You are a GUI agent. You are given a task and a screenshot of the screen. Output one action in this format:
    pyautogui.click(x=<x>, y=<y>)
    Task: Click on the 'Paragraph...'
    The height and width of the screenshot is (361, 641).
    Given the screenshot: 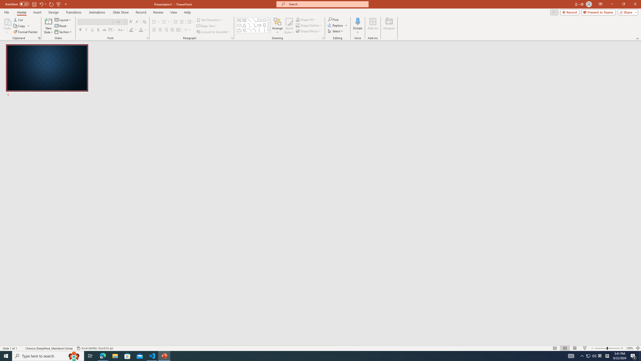 What is the action you would take?
    pyautogui.click(x=232, y=38)
    